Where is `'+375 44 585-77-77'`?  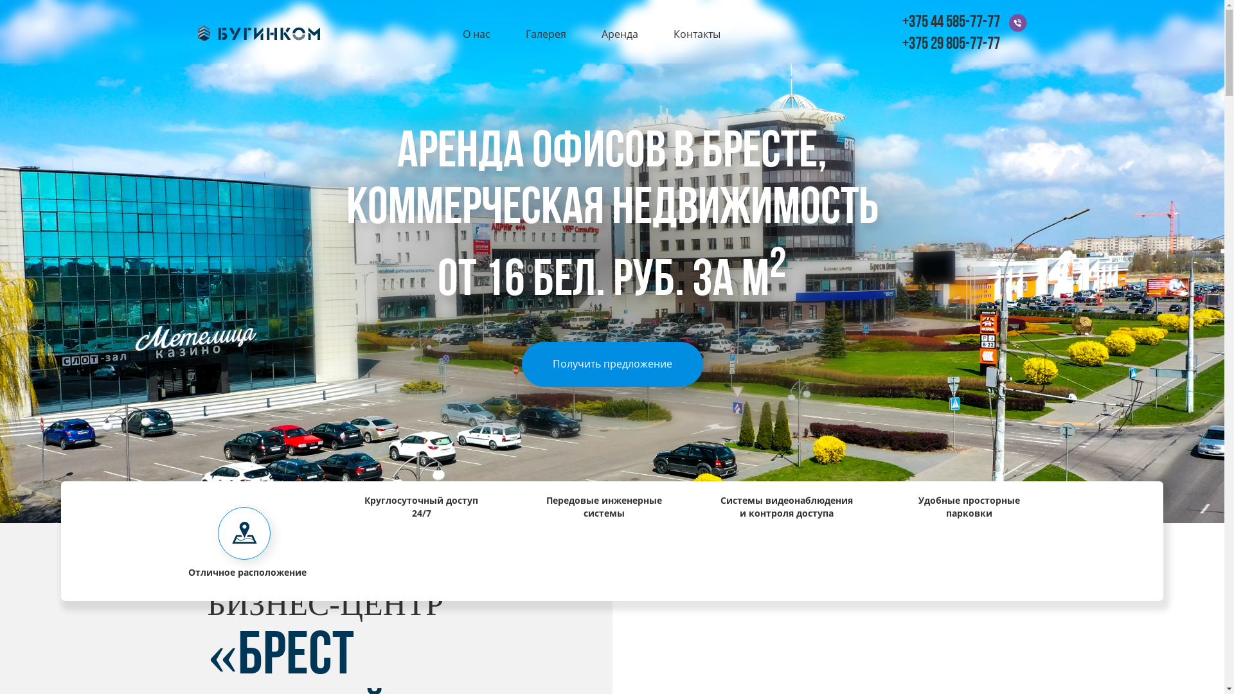 '+375 44 585-77-77' is located at coordinates (901, 22).